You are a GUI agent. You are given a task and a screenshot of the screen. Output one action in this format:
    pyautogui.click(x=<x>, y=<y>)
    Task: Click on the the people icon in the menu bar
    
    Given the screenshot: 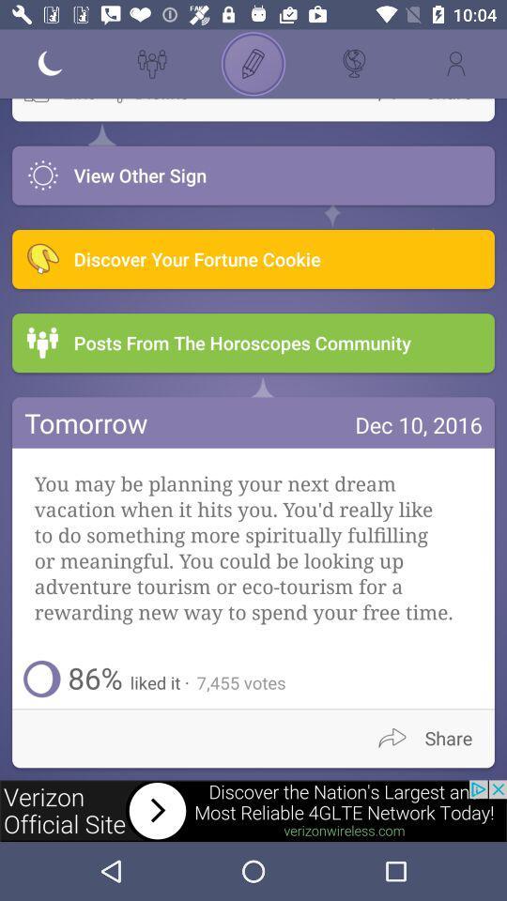 What is the action you would take?
    pyautogui.click(x=151, y=64)
    